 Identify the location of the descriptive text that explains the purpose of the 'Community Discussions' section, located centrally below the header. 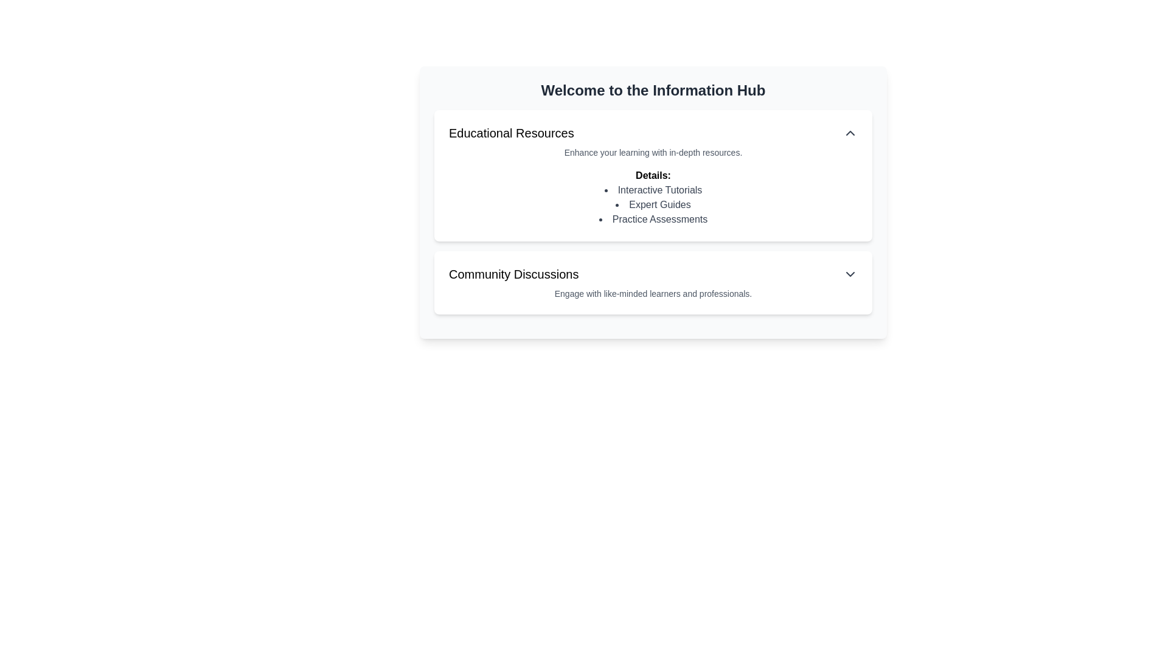
(653, 293).